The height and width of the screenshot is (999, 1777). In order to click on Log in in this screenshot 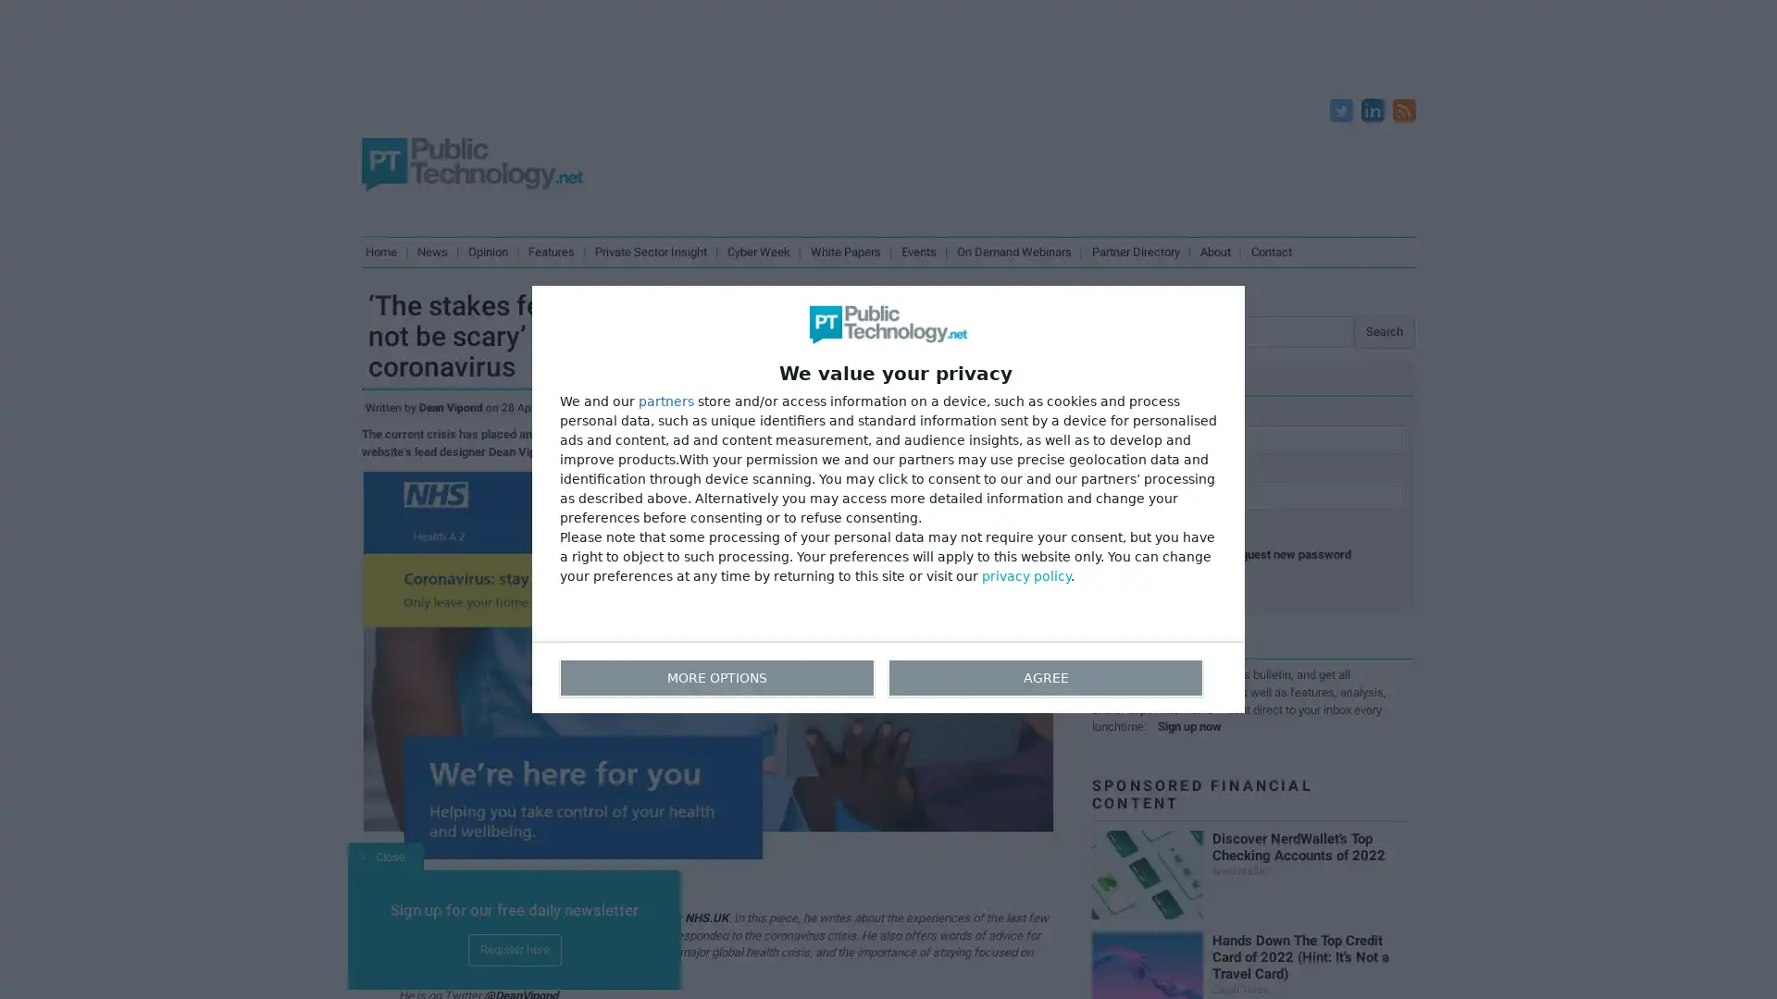, I will do `click(1118, 586)`.